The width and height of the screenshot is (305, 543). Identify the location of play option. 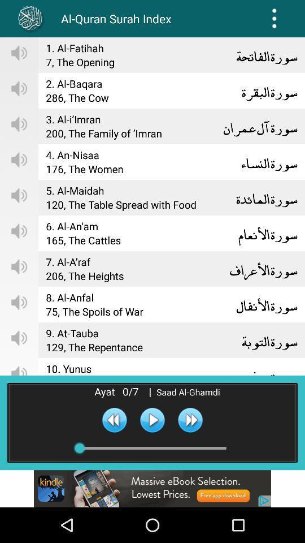
(152, 419).